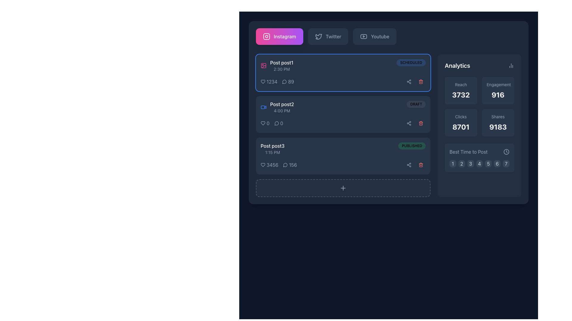  What do you see at coordinates (269, 165) in the screenshot?
I see `the text display element showing the count '3456' with a heart-shaped icon to its left, located in the metadata section of 'Post post3'` at bounding box center [269, 165].